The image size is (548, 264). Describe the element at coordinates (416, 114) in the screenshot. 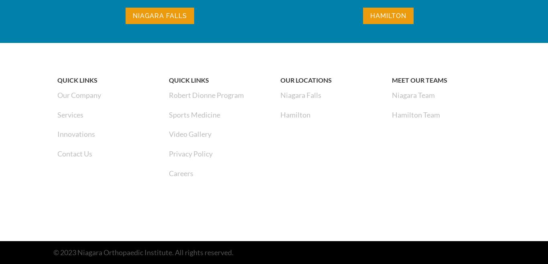

I see `'Hamilton Team'` at that location.